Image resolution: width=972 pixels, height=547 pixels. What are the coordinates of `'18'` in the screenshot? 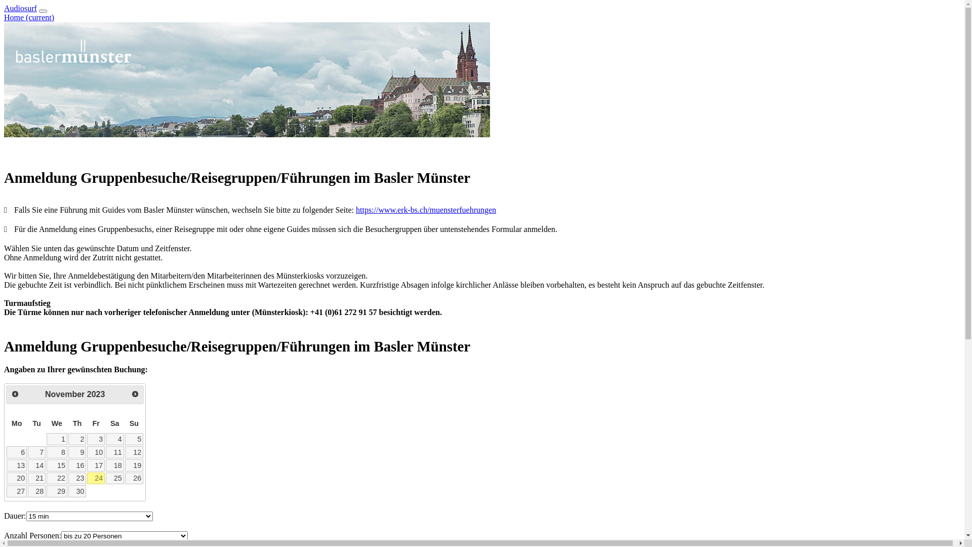 It's located at (114, 465).